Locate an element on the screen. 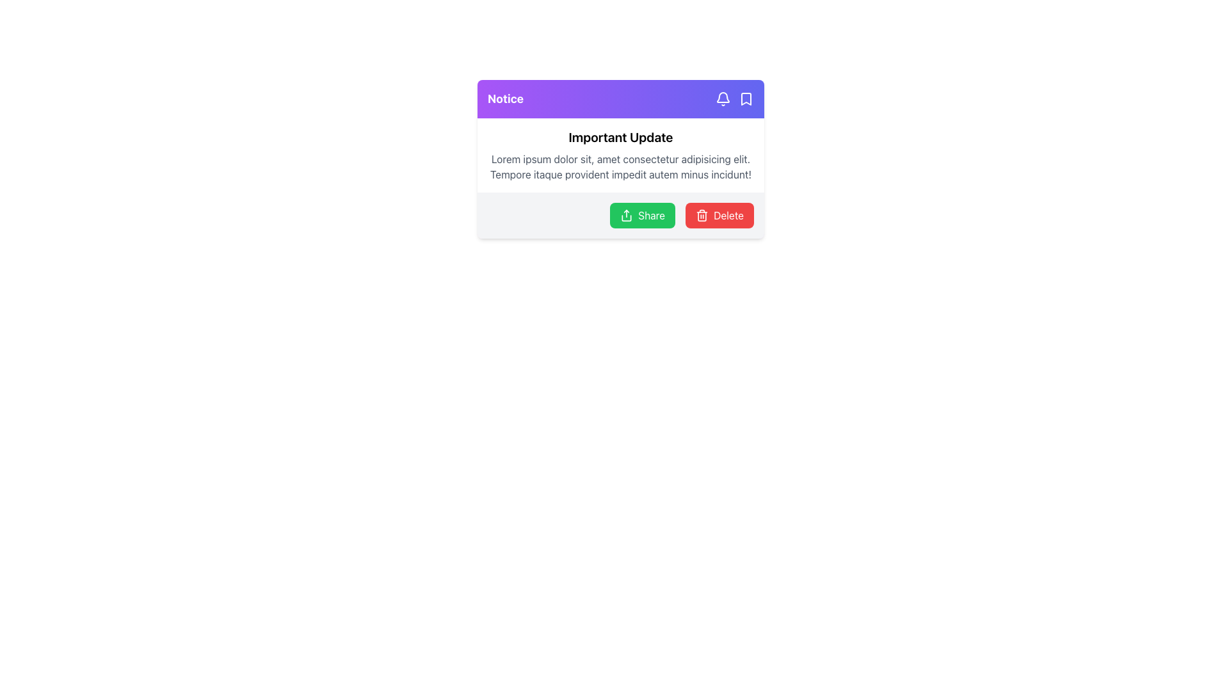  the green 'Share' button with a white sharing icon is located at coordinates (642, 214).